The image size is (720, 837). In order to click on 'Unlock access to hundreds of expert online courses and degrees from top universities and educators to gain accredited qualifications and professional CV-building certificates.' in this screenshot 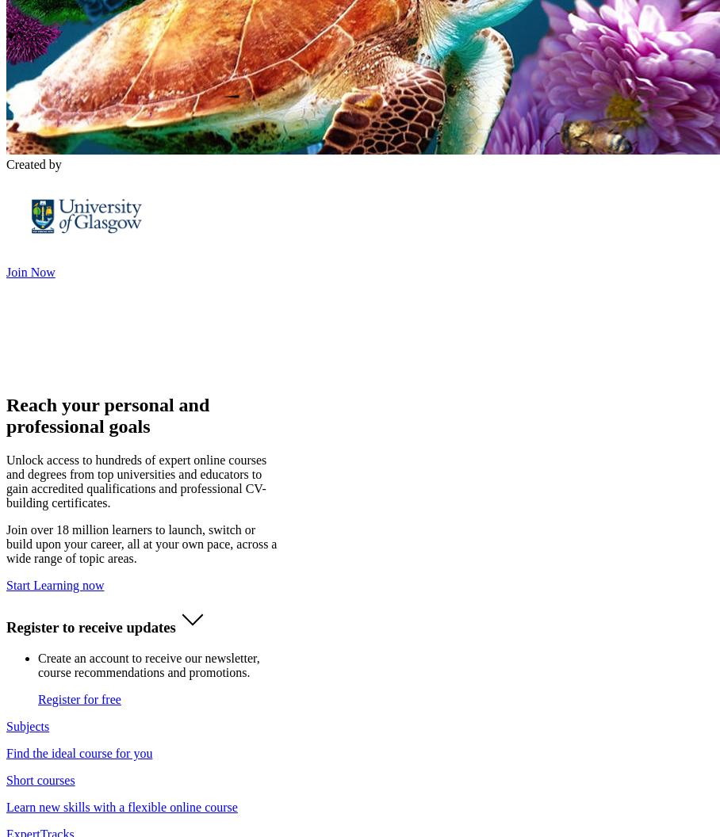, I will do `click(135, 480)`.